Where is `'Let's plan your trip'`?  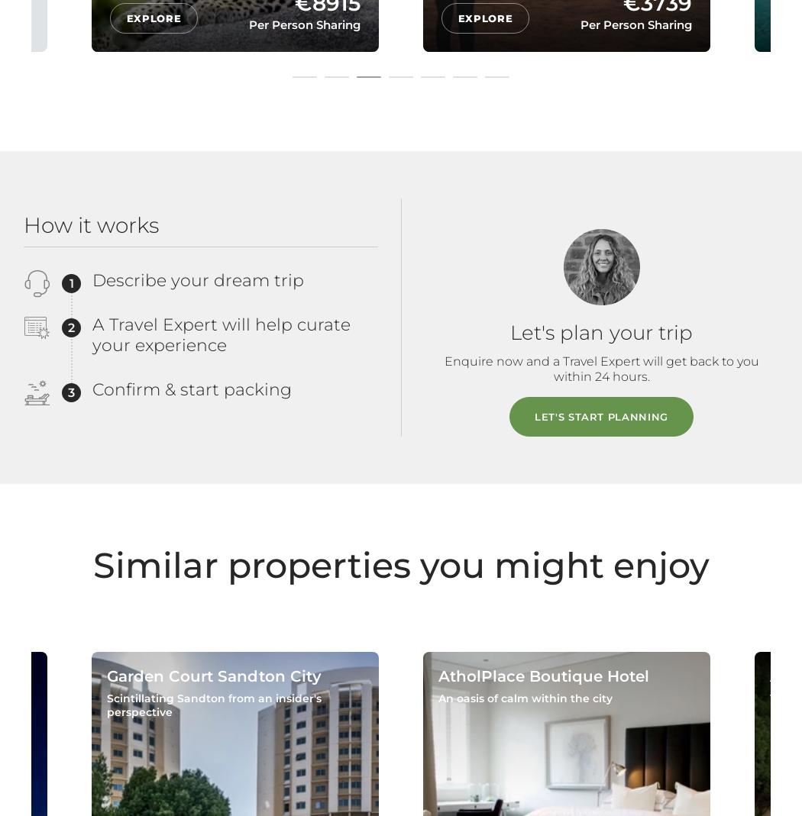 'Let's plan your trip' is located at coordinates (601, 331).